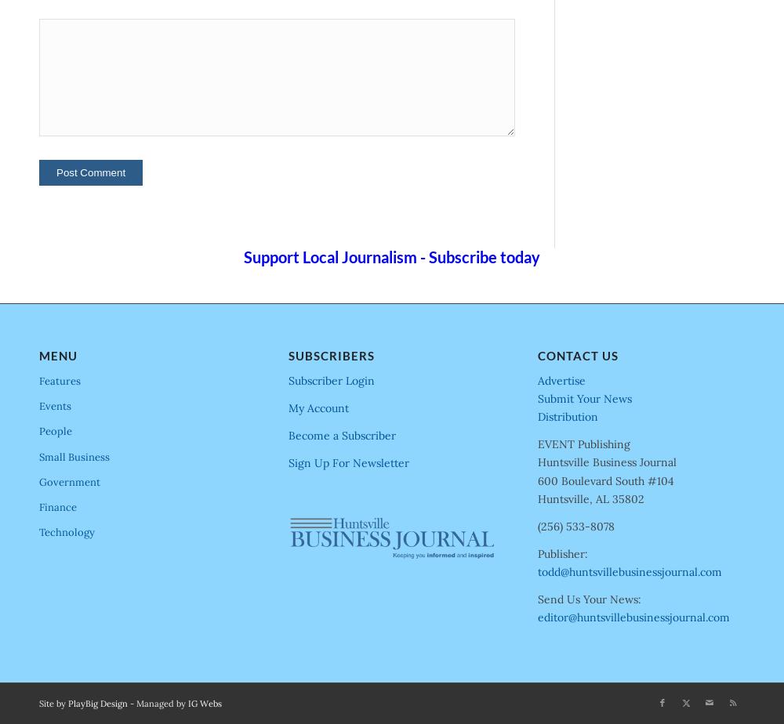 The width and height of the screenshot is (784, 724). Describe the element at coordinates (583, 443) in the screenshot. I see `'EVENT Publishing'` at that location.